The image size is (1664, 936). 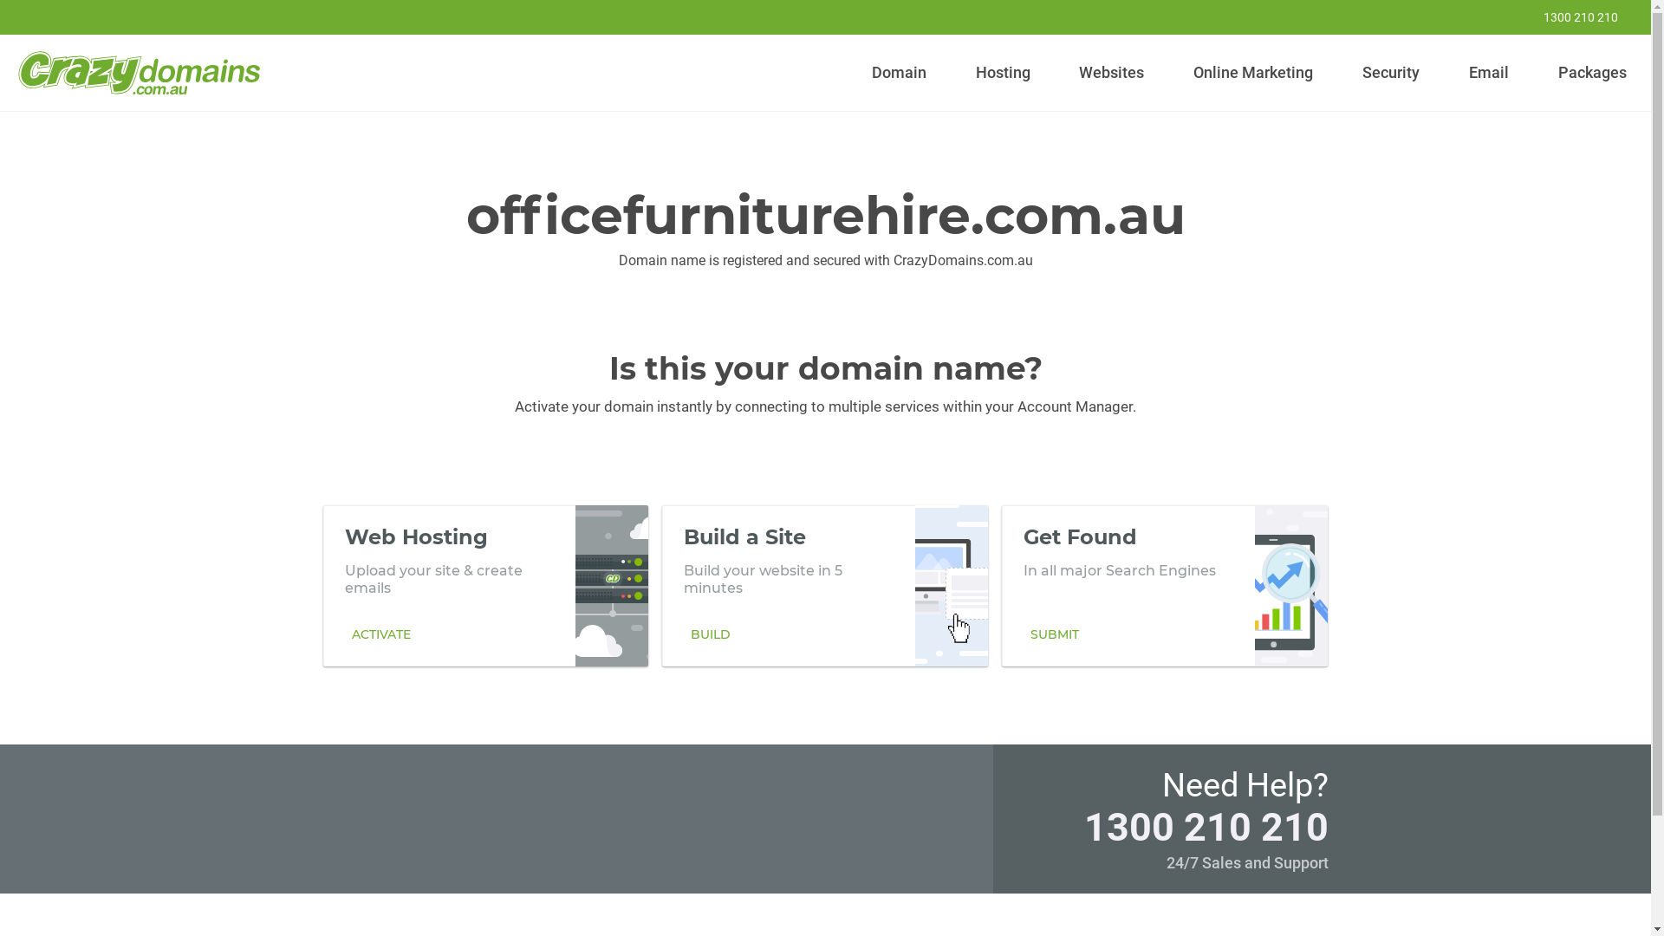 I want to click on 'Domain', so click(x=899, y=72).